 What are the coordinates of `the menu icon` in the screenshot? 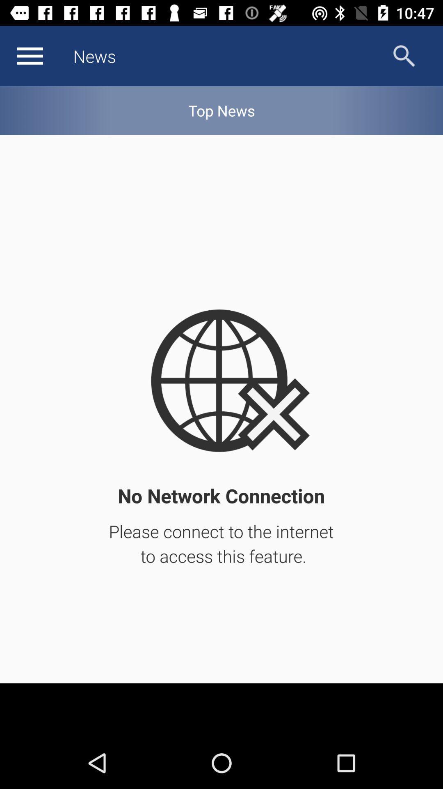 It's located at (30, 55).